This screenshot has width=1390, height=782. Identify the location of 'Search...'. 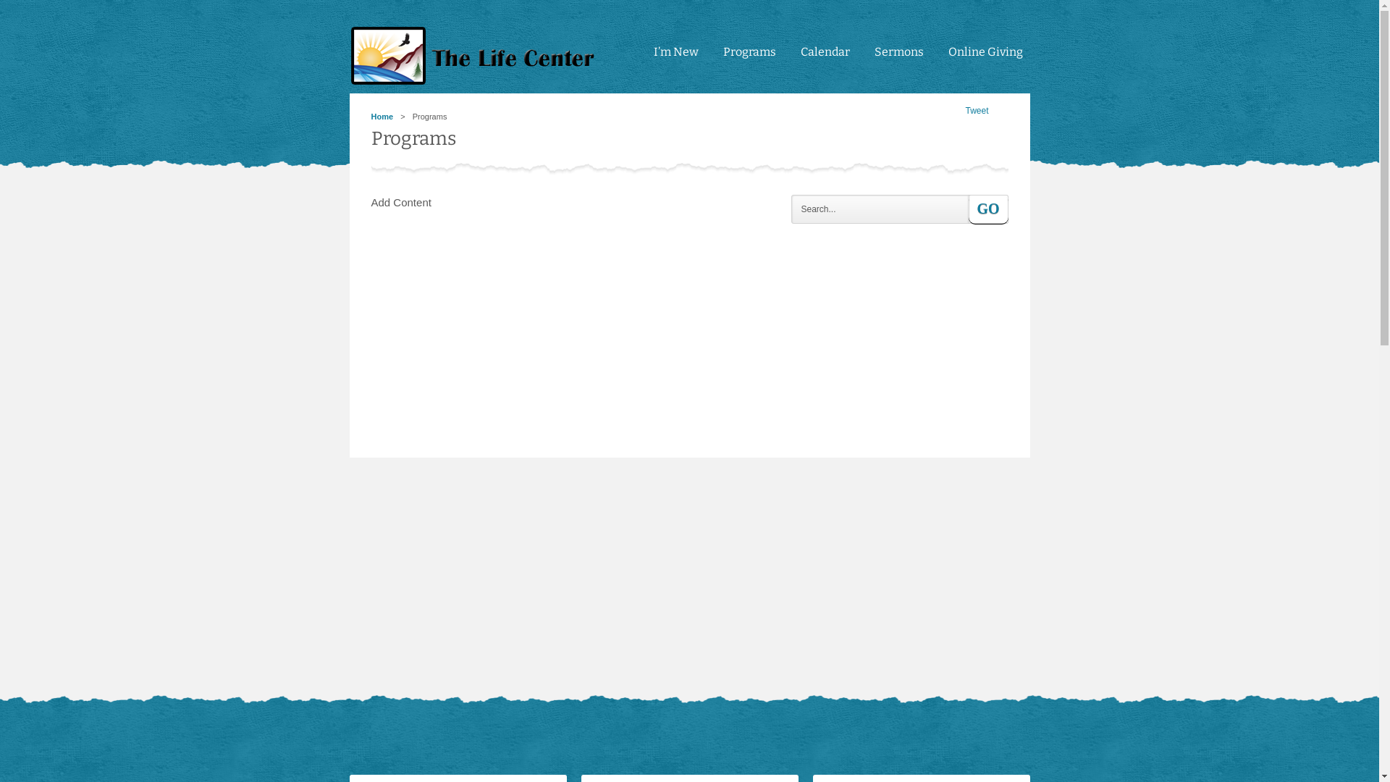
(789, 209).